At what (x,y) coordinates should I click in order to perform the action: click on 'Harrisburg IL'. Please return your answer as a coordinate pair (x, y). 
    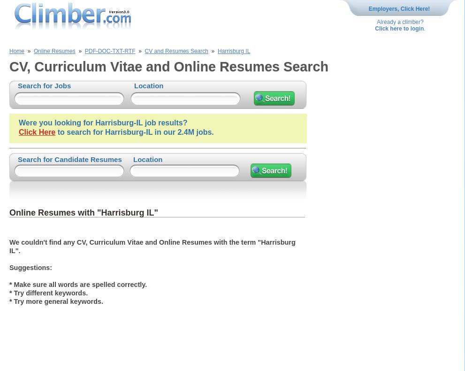
    Looking at the image, I should click on (233, 51).